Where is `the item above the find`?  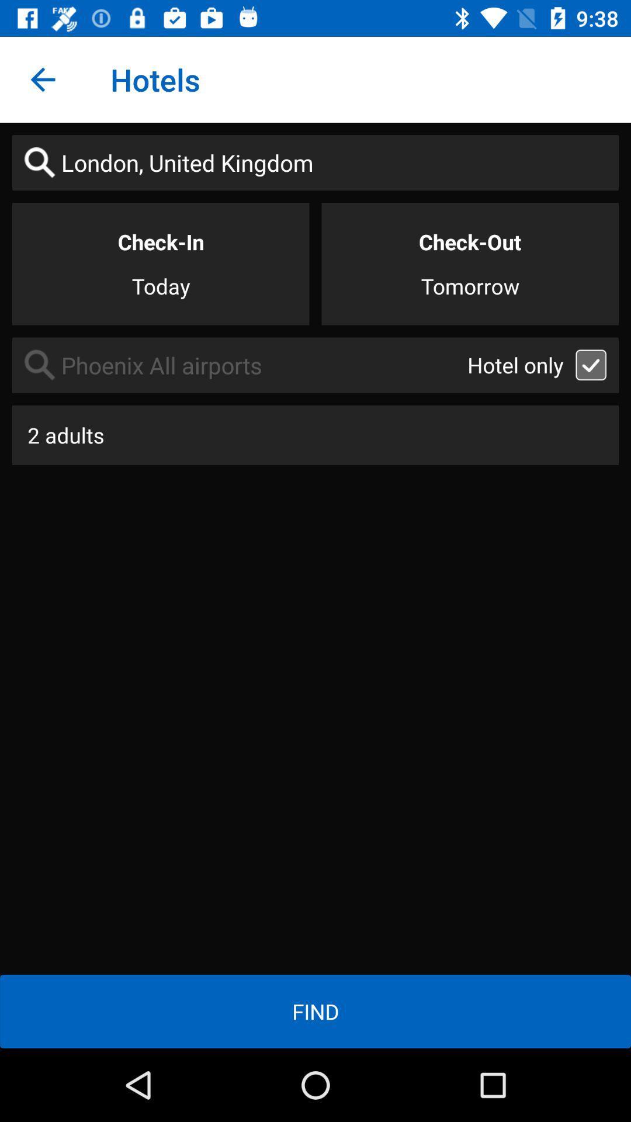
the item above the find is located at coordinates (315, 434).